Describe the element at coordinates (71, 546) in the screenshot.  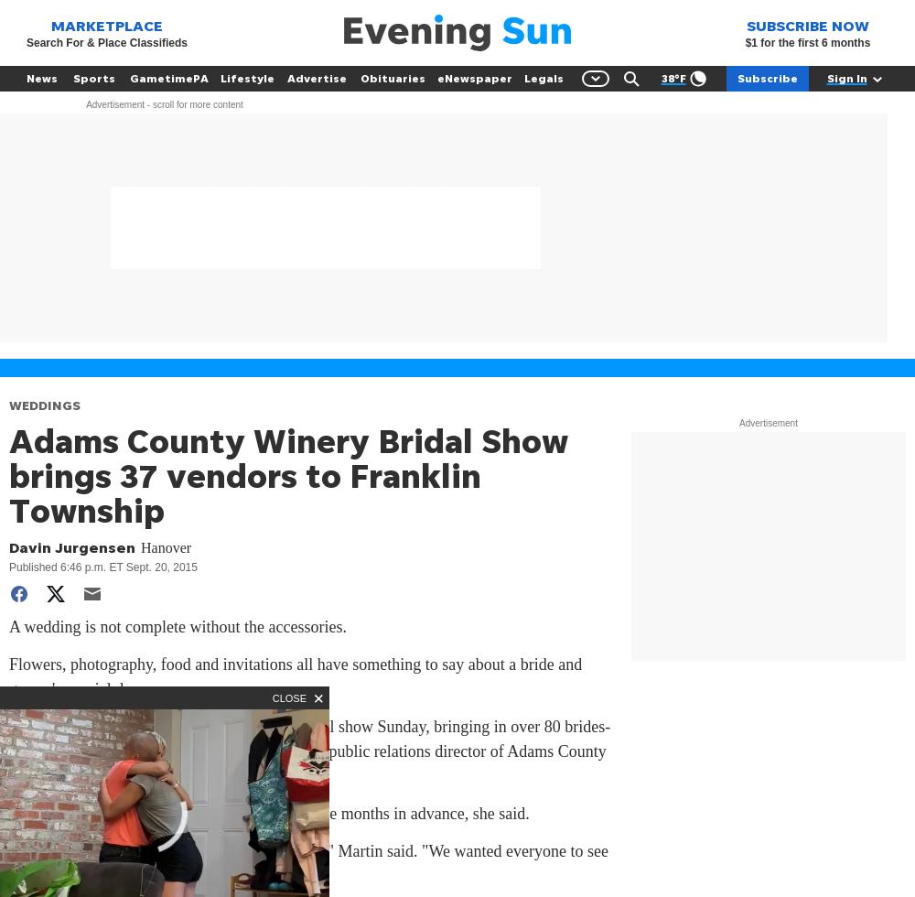
I see `'Davin Jurgensen'` at that location.